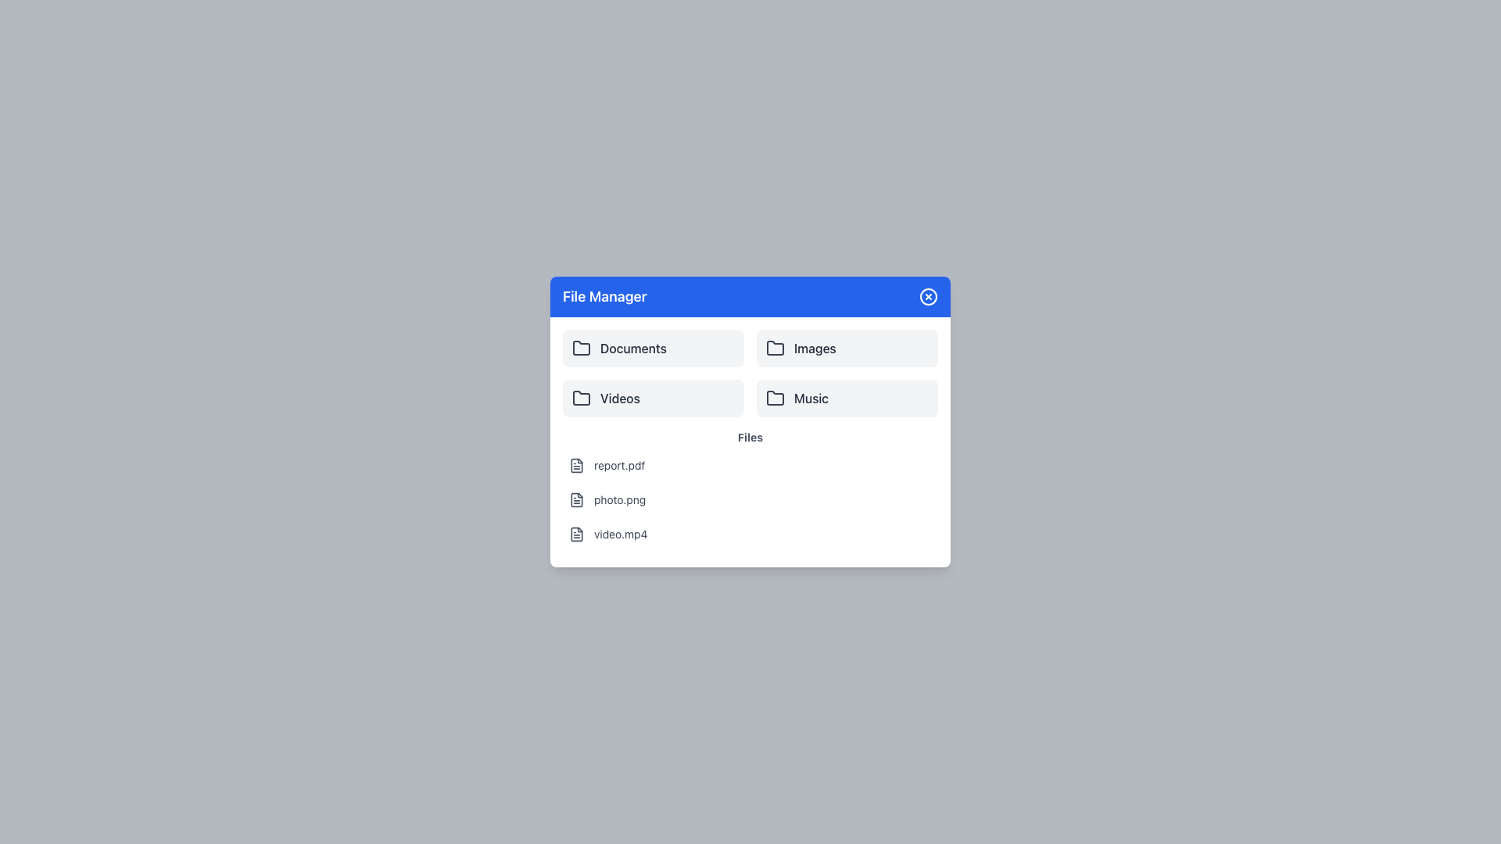 This screenshot has width=1501, height=844. What do you see at coordinates (576, 465) in the screenshot?
I see `the file icon representing 'report.pdf'` at bounding box center [576, 465].